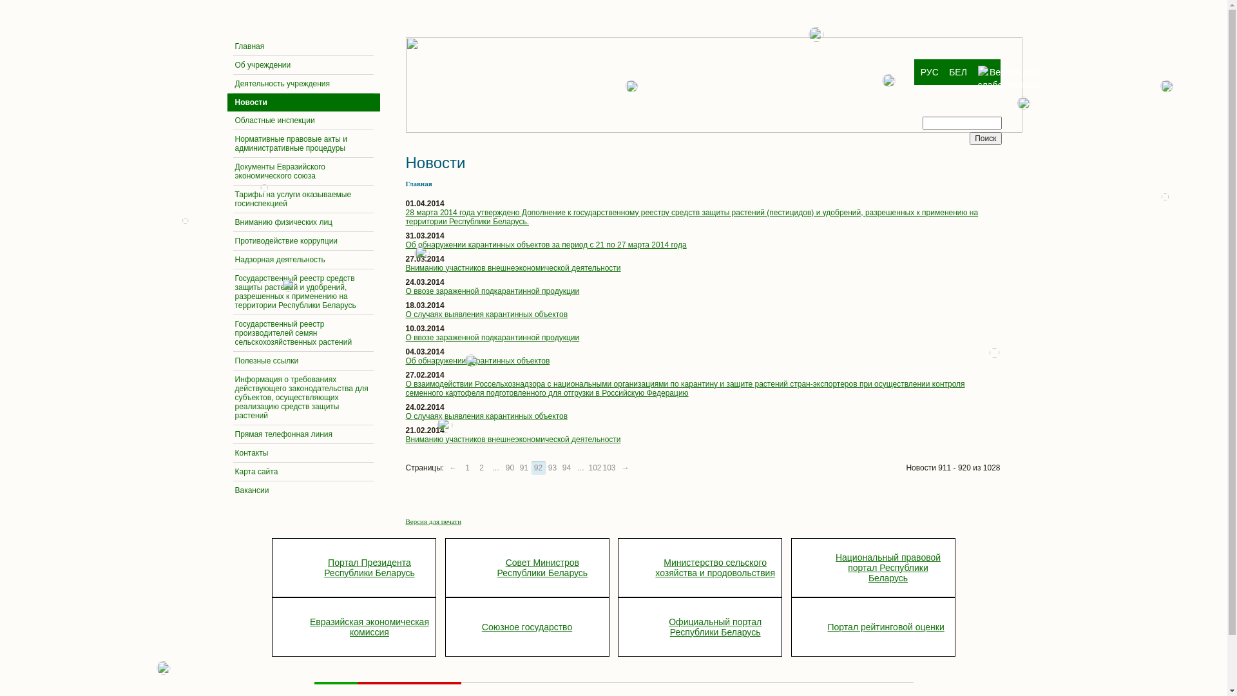  What do you see at coordinates (524, 467) in the screenshot?
I see `'91'` at bounding box center [524, 467].